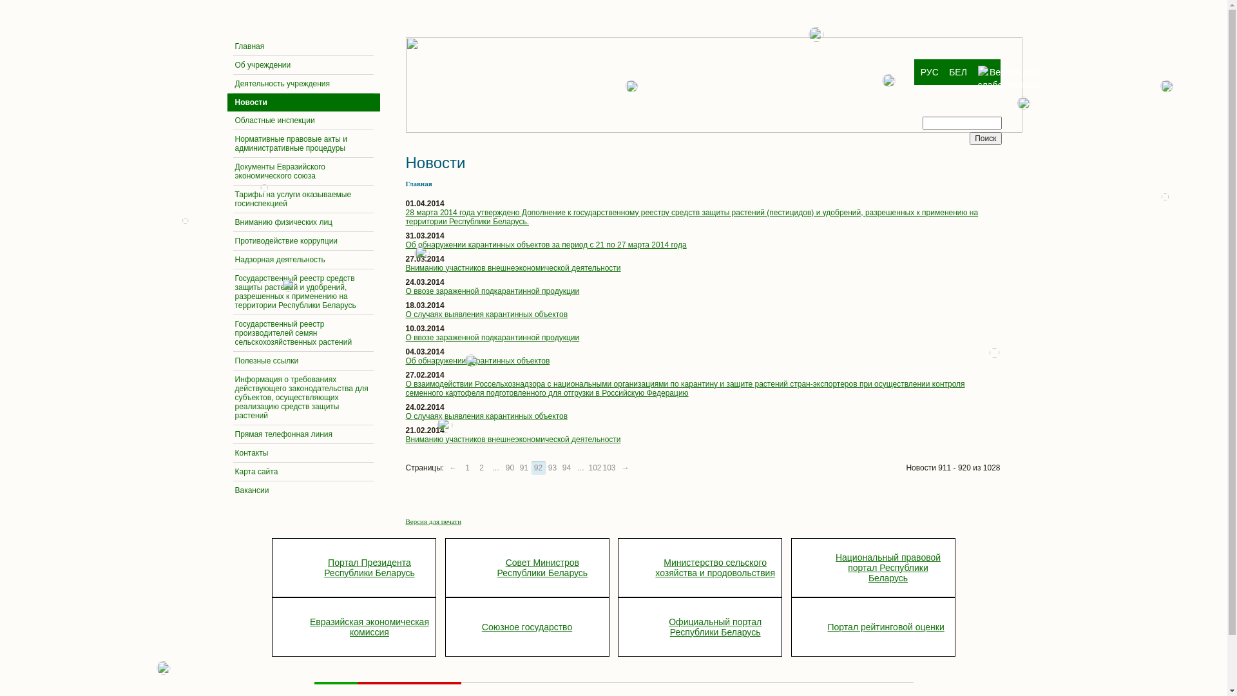  What do you see at coordinates (524, 467) in the screenshot?
I see `'91'` at bounding box center [524, 467].